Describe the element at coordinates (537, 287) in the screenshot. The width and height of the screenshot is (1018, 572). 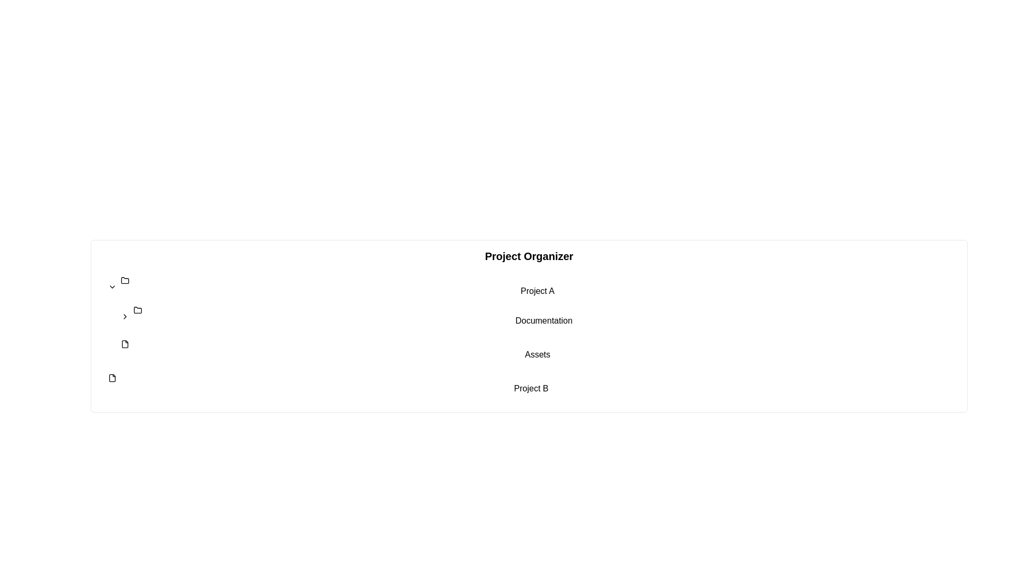
I see `the third text label with an accompanying icon representing Project A in the upper section of the project navigation interface for navigation` at that location.